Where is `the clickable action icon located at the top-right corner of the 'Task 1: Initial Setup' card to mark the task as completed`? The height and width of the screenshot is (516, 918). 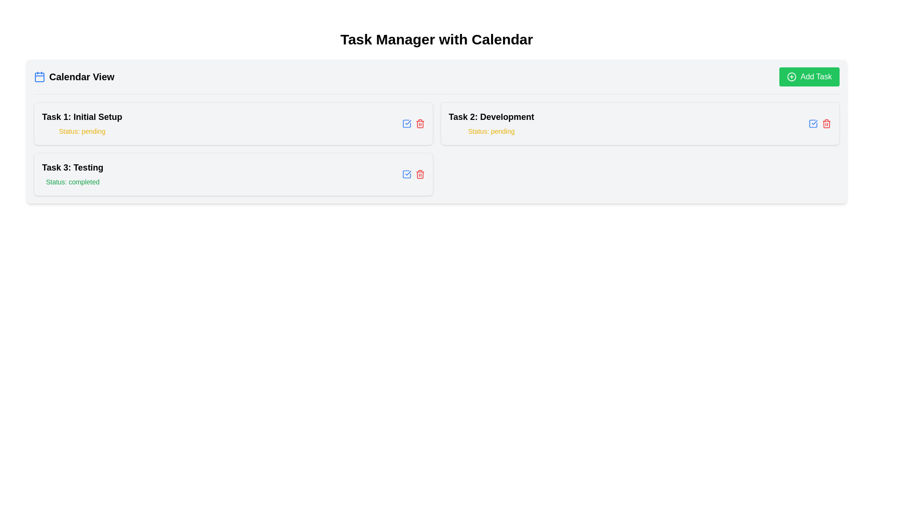 the clickable action icon located at the top-right corner of the 'Task 1: Initial Setup' card to mark the task as completed is located at coordinates (406, 174).